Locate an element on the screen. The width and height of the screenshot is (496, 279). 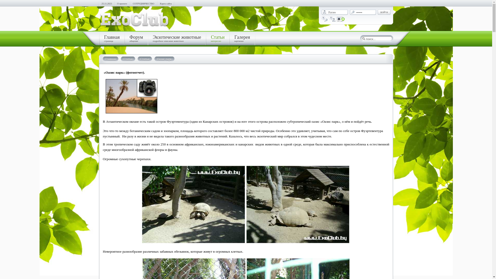
'Search' is located at coordinates (361, 38).